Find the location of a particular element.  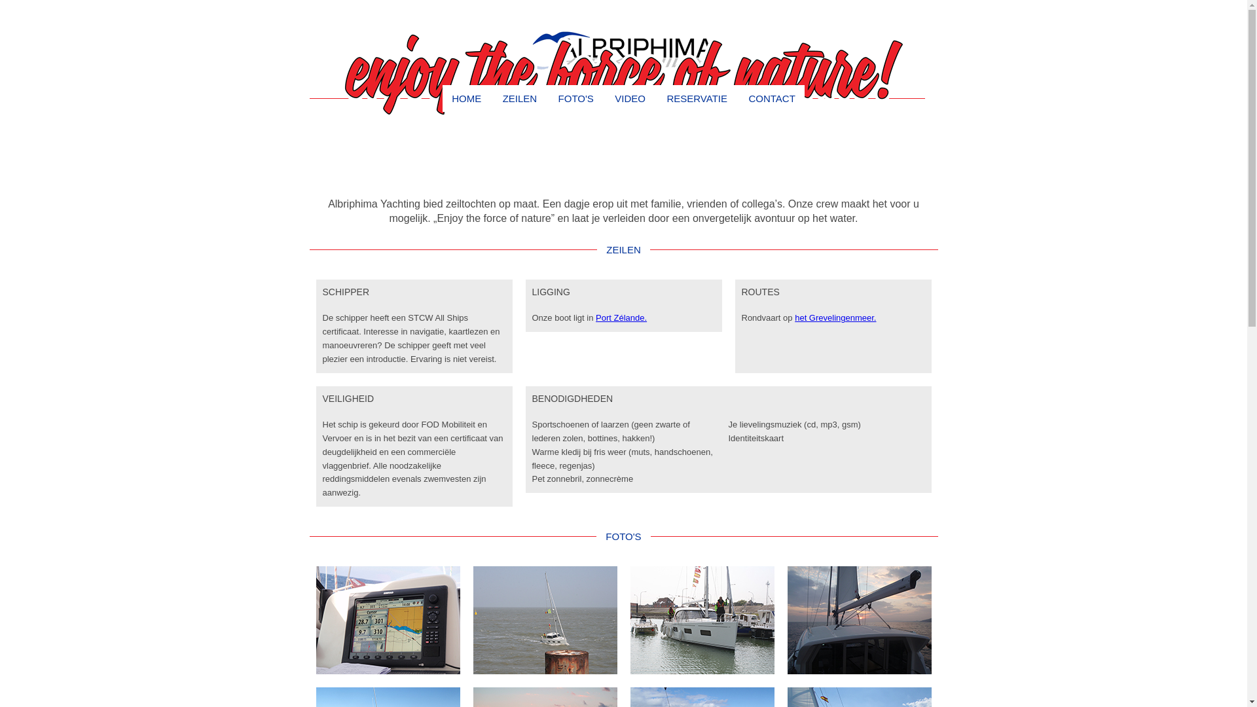

'HOME' is located at coordinates (466, 98).